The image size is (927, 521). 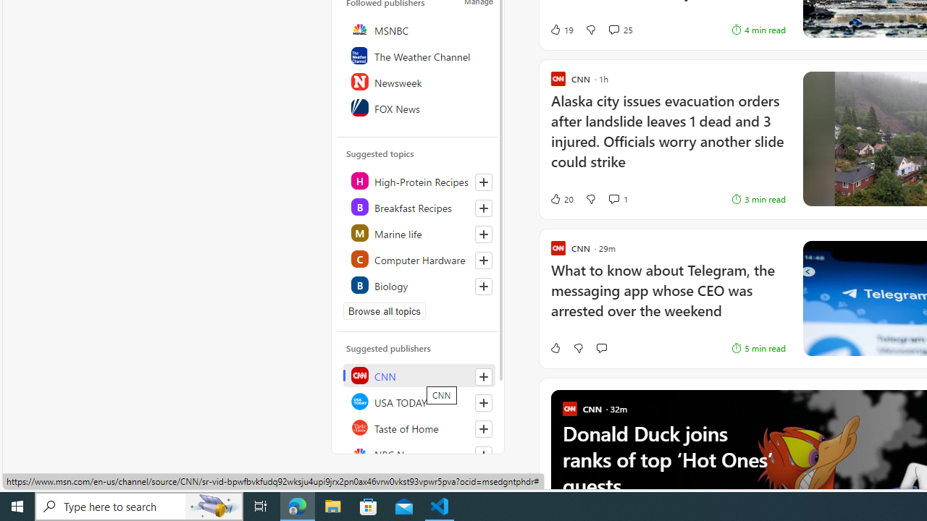 What do you see at coordinates (601, 347) in the screenshot?
I see `'Start the conversation'` at bounding box center [601, 347].